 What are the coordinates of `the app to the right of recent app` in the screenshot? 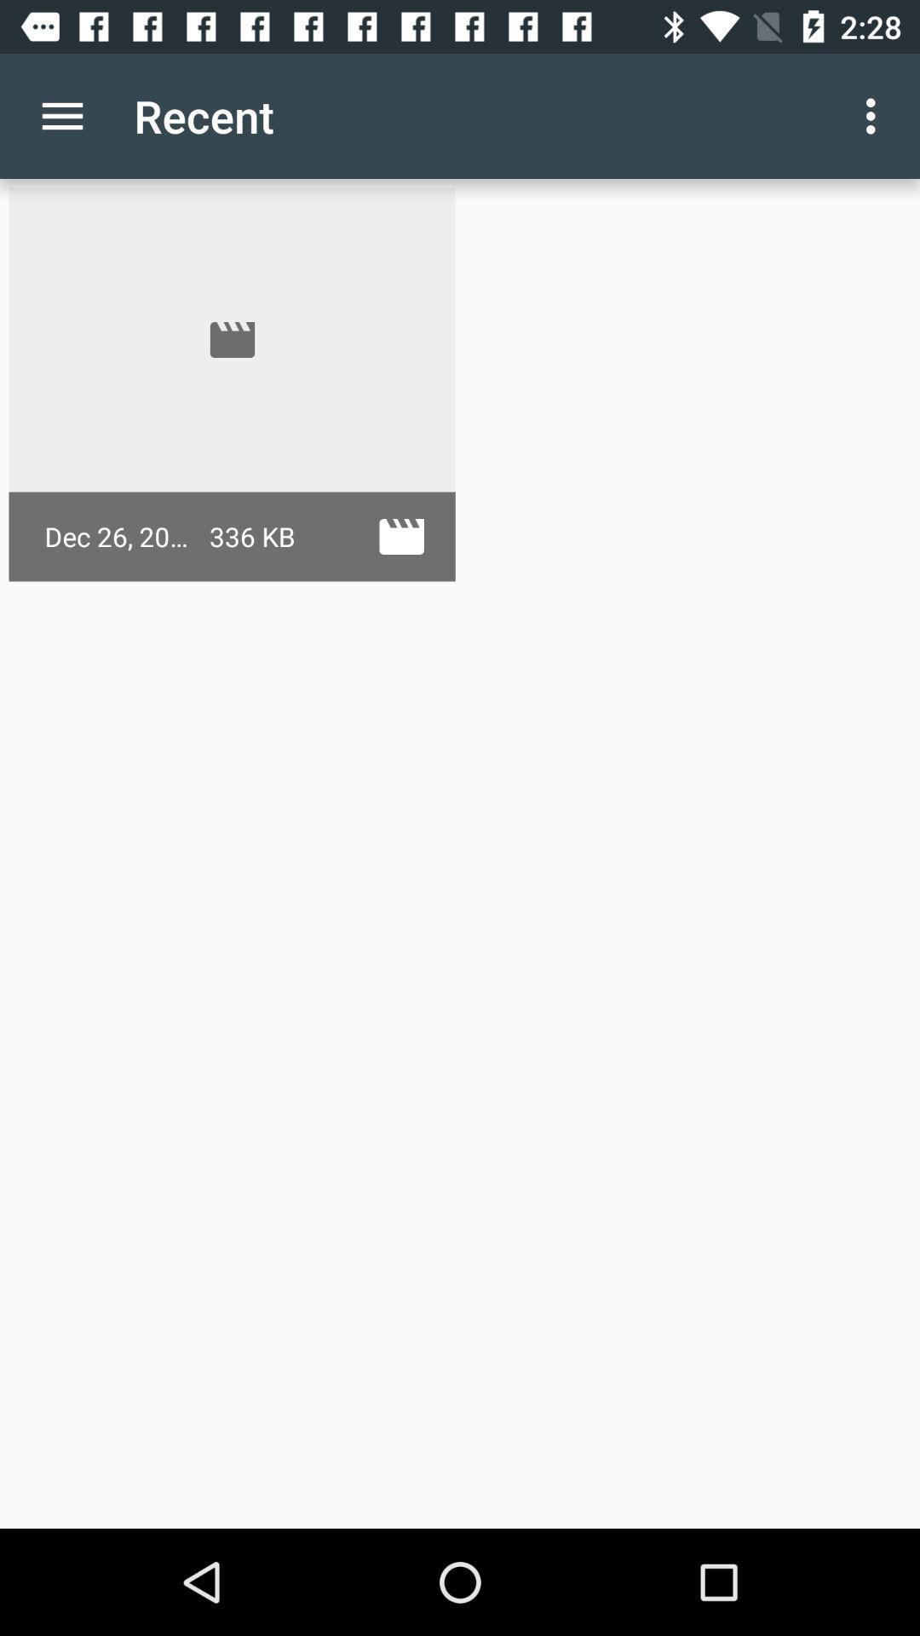 It's located at (875, 115).